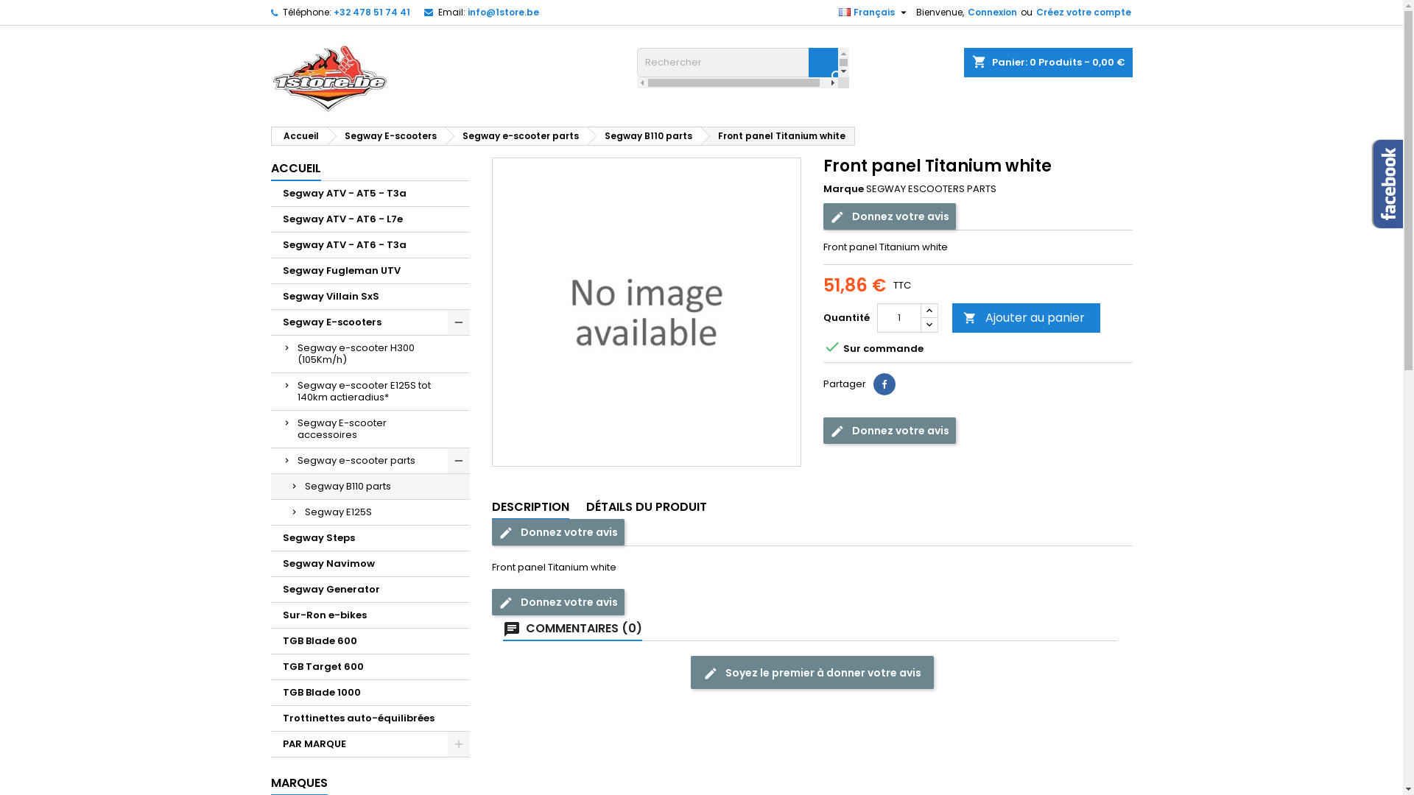 Image resolution: width=1414 pixels, height=795 pixels. I want to click on 'TGB Blade 1000', so click(370, 693).